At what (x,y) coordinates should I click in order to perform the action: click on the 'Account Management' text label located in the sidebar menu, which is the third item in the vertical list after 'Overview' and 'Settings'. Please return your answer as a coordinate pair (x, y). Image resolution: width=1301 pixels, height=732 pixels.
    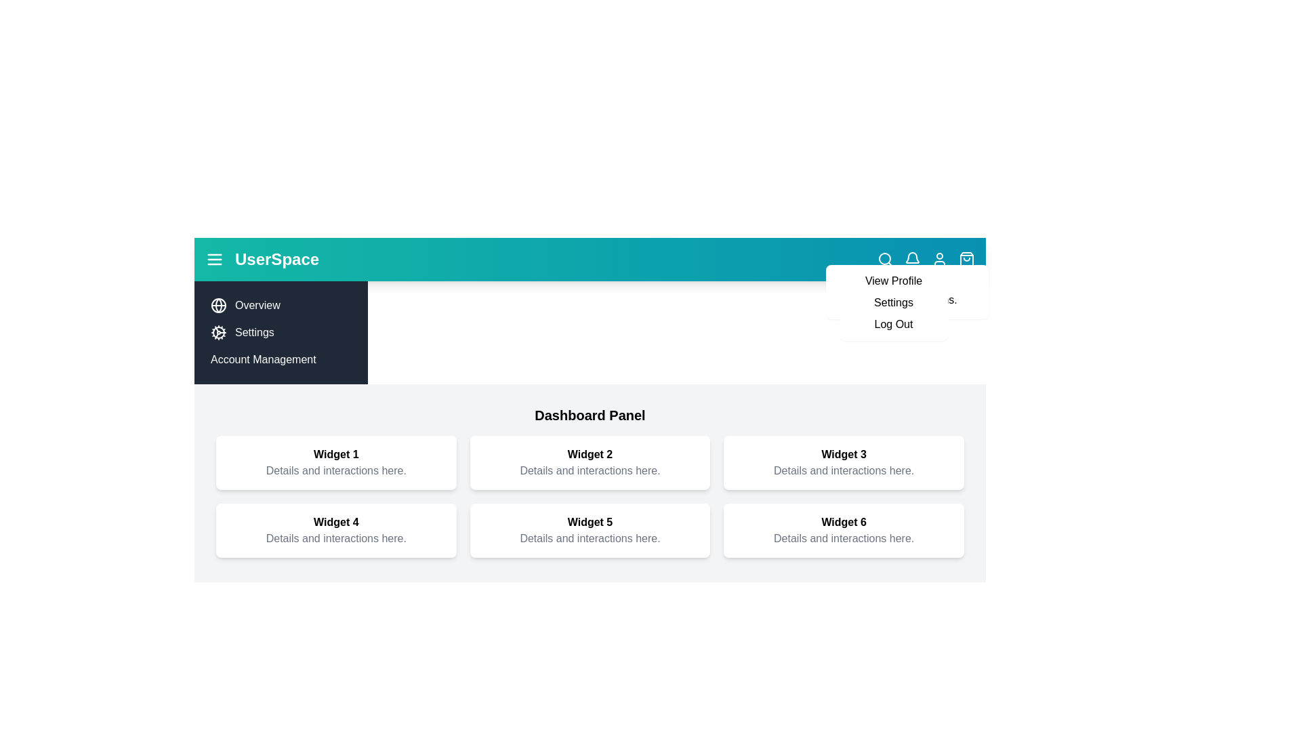
    Looking at the image, I should click on (280, 359).